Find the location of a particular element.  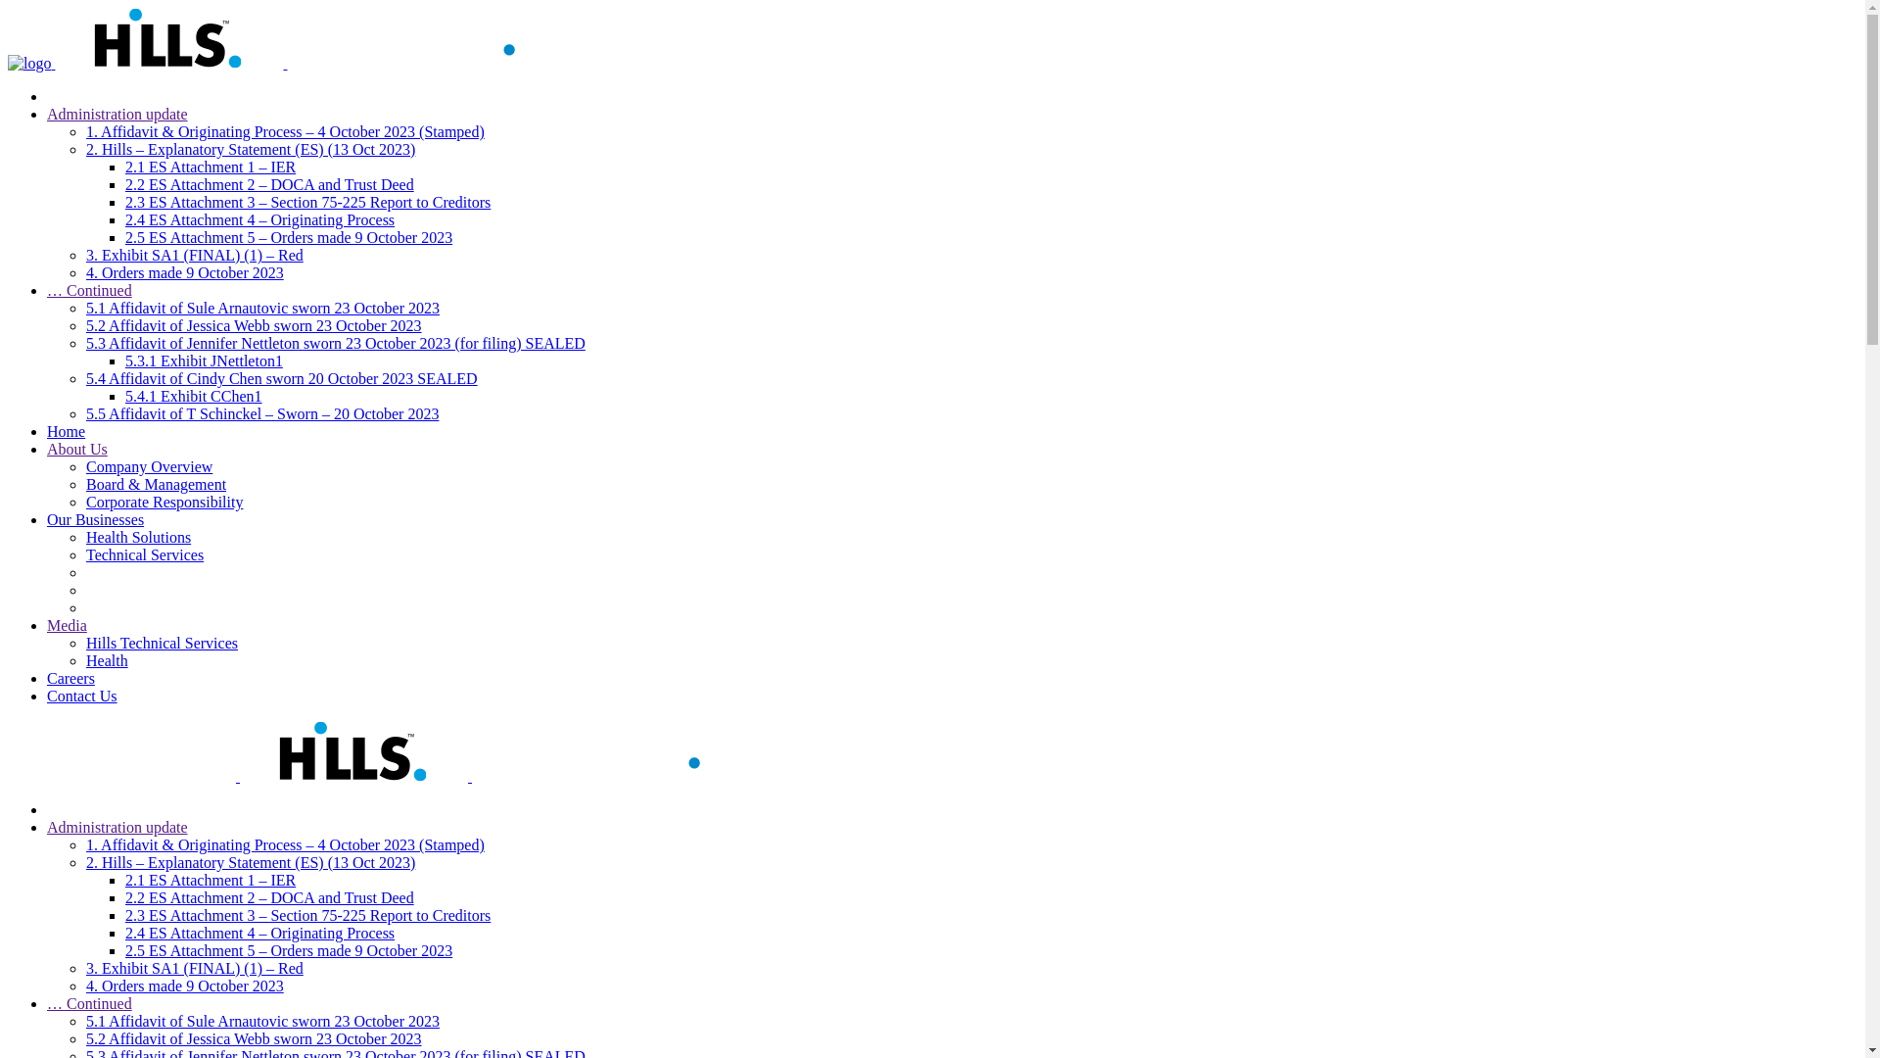

'Technical Services' is located at coordinates (144, 554).